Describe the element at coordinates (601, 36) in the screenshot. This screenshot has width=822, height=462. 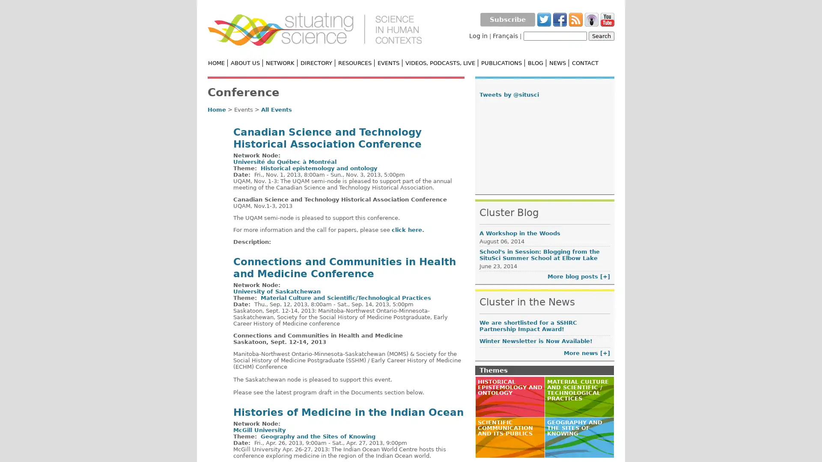
I see `Search` at that location.